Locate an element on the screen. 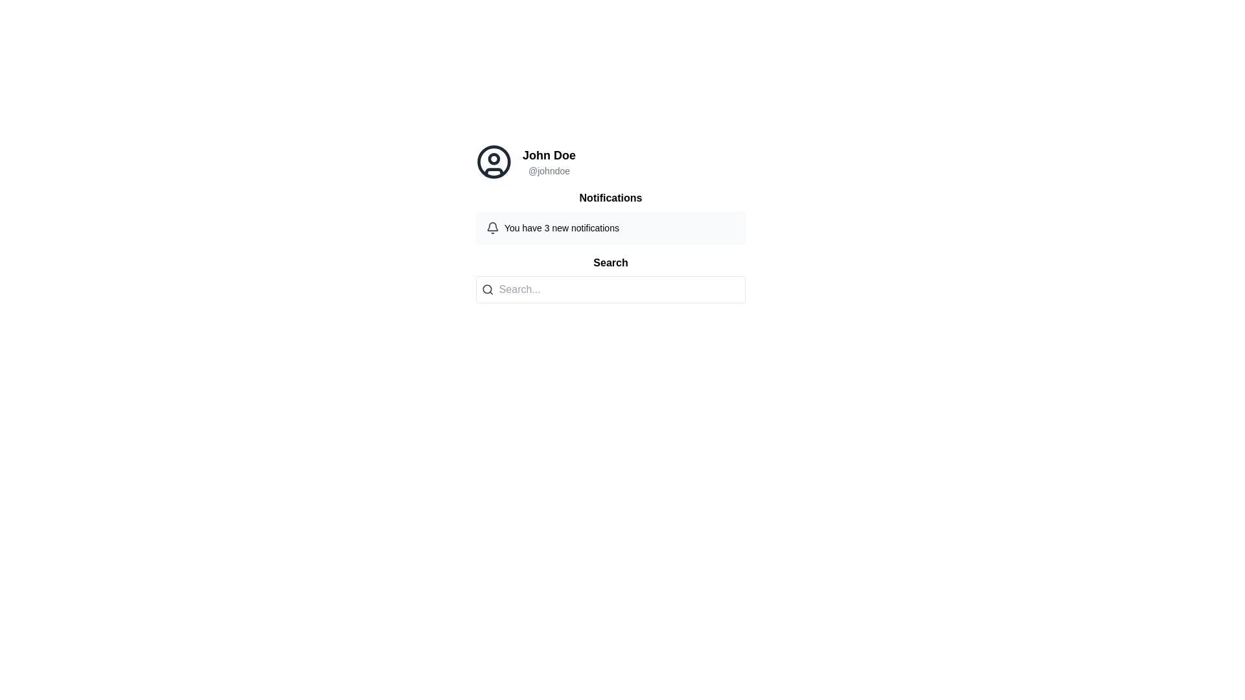 The width and height of the screenshot is (1245, 700). the SVG Circle representing the user's profile icon located in the upper-left region of the interface is located at coordinates (493, 161).